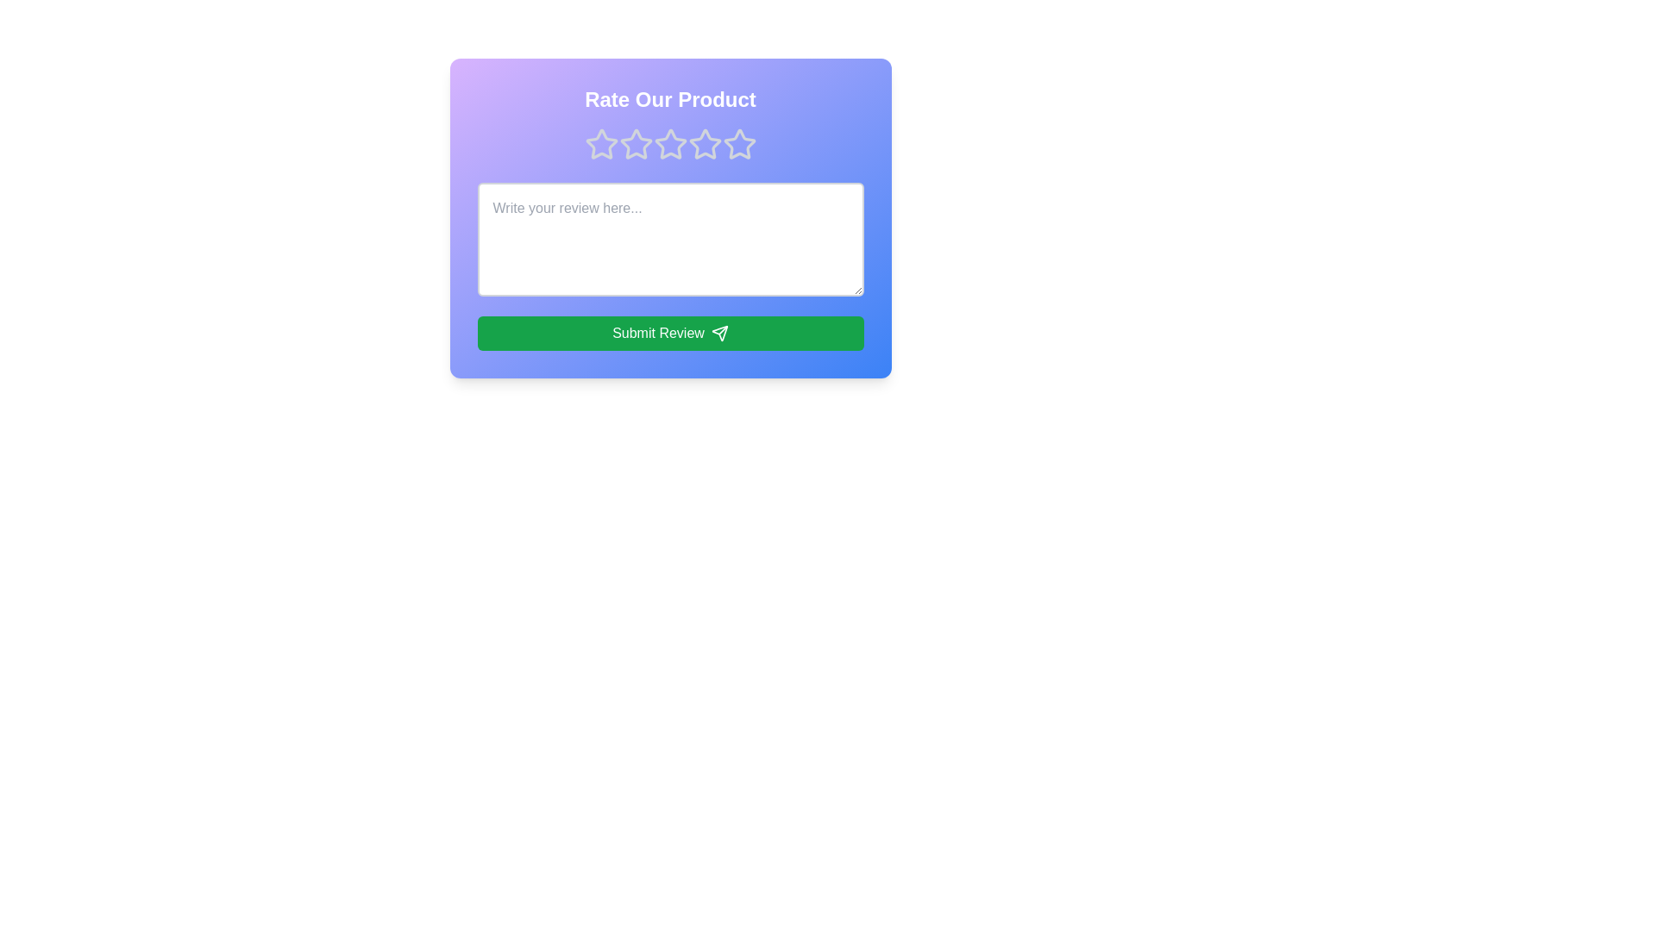 The image size is (1656, 931). I want to click on the fourth star icon, so click(669, 144).